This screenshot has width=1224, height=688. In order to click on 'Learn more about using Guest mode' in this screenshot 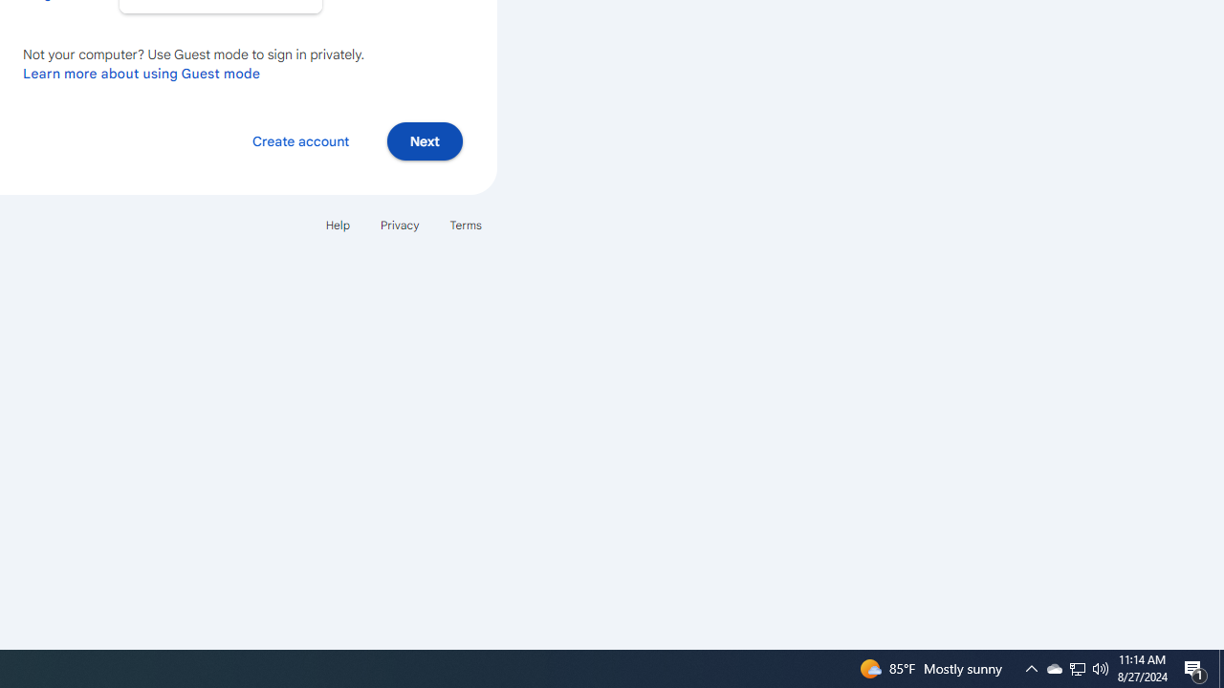, I will do `click(141, 72)`.